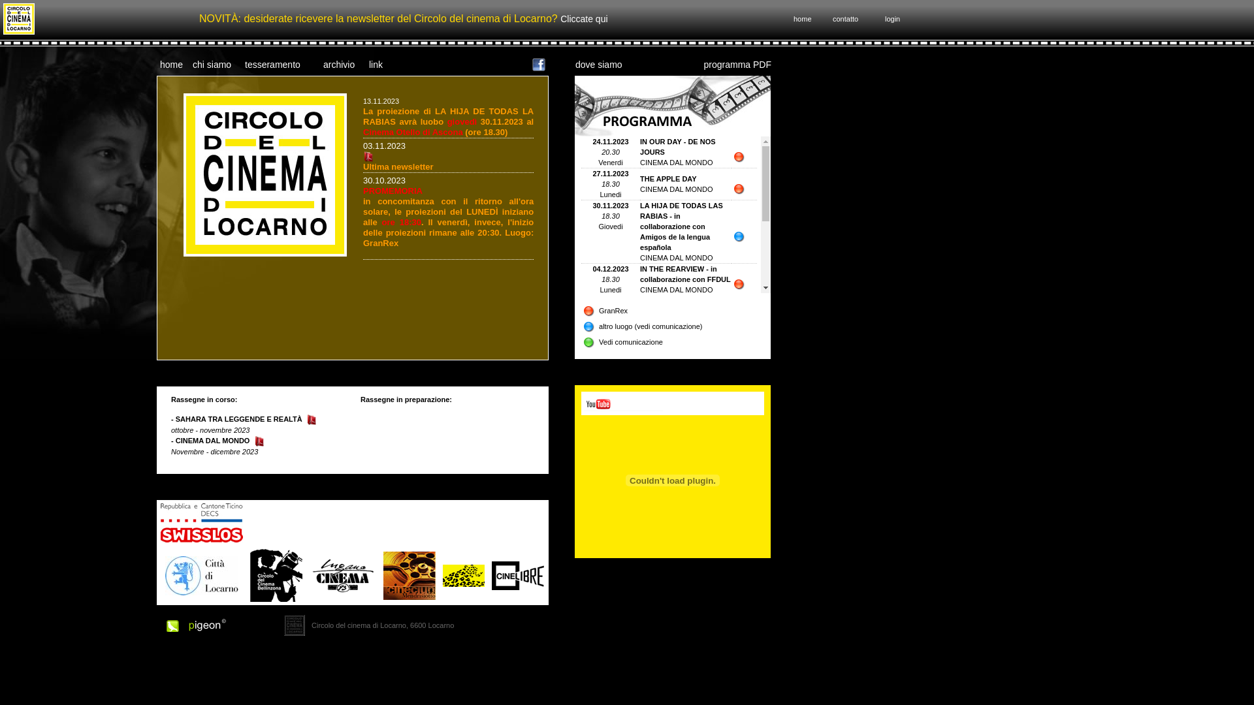 This screenshot has height=705, width=1254. What do you see at coordinates (845, 19) in the screenshot?
I see `'contatto'` at bounding box center [845, 19].